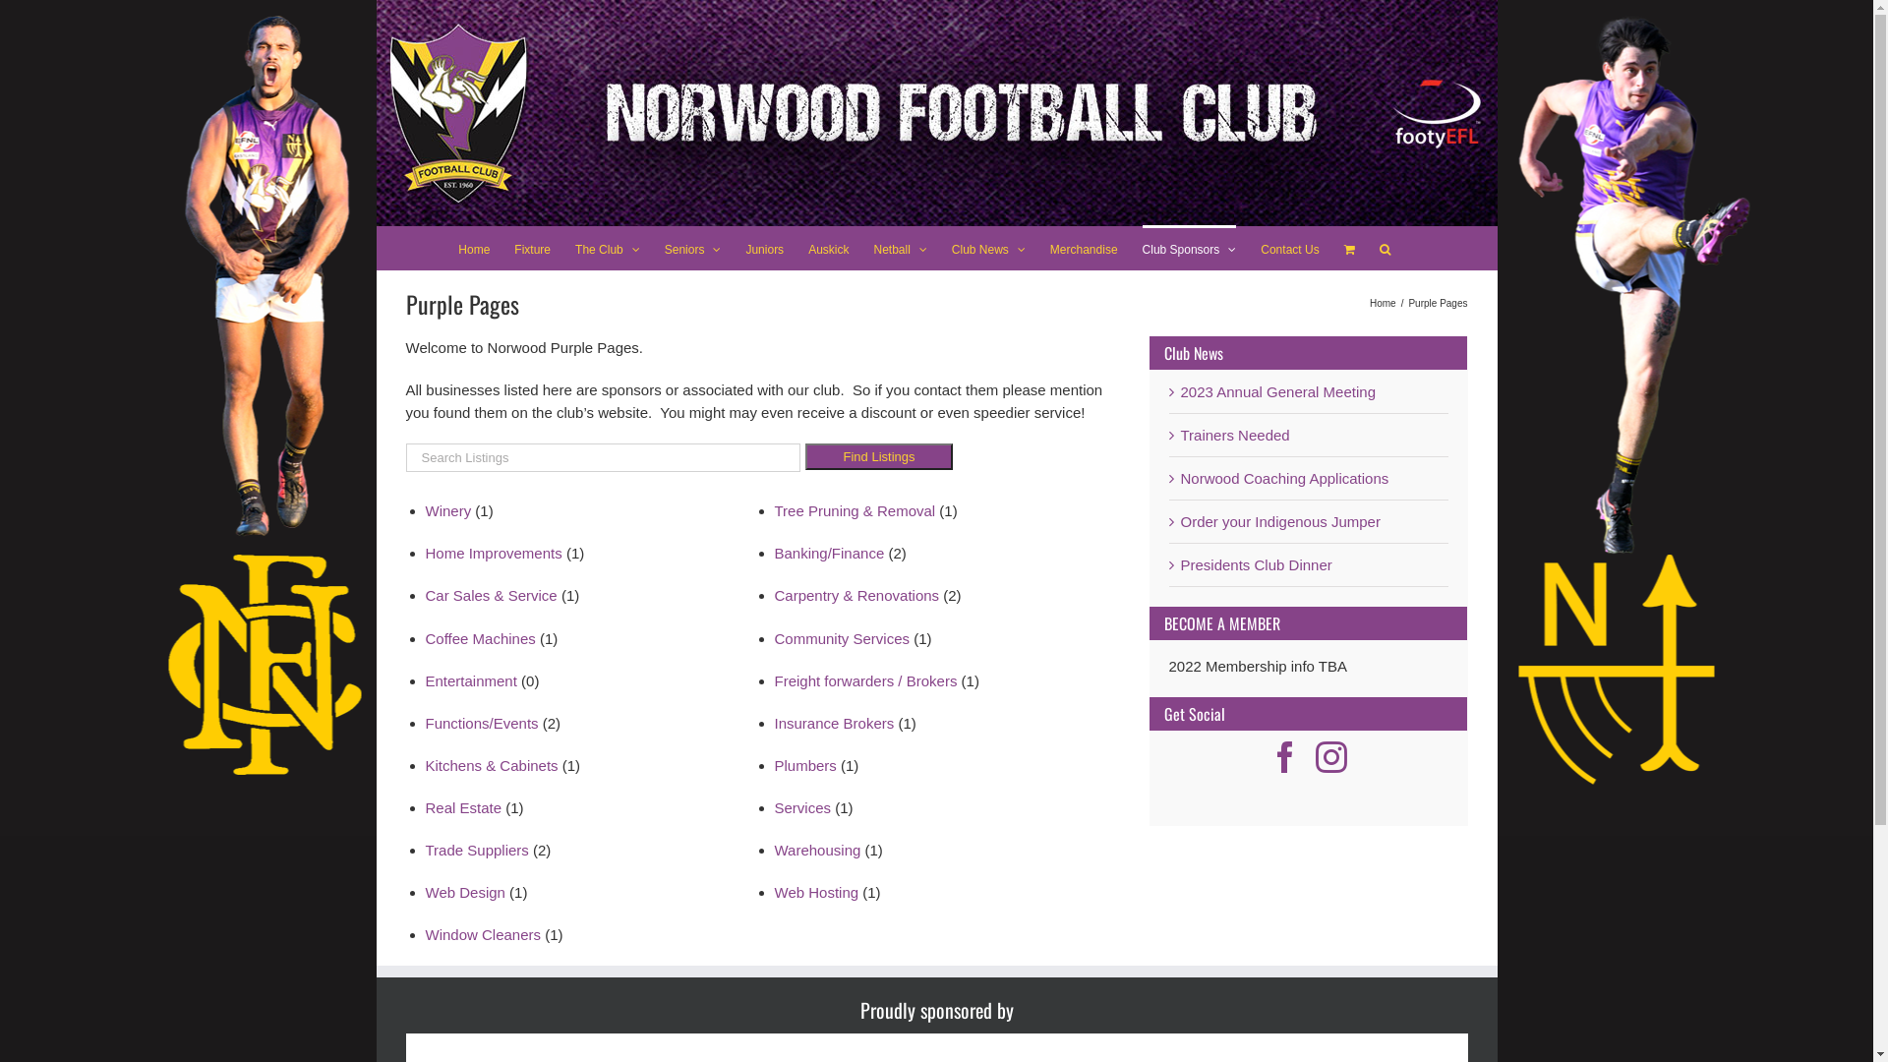  I want to click on 'Seniors', so click(665, 246).